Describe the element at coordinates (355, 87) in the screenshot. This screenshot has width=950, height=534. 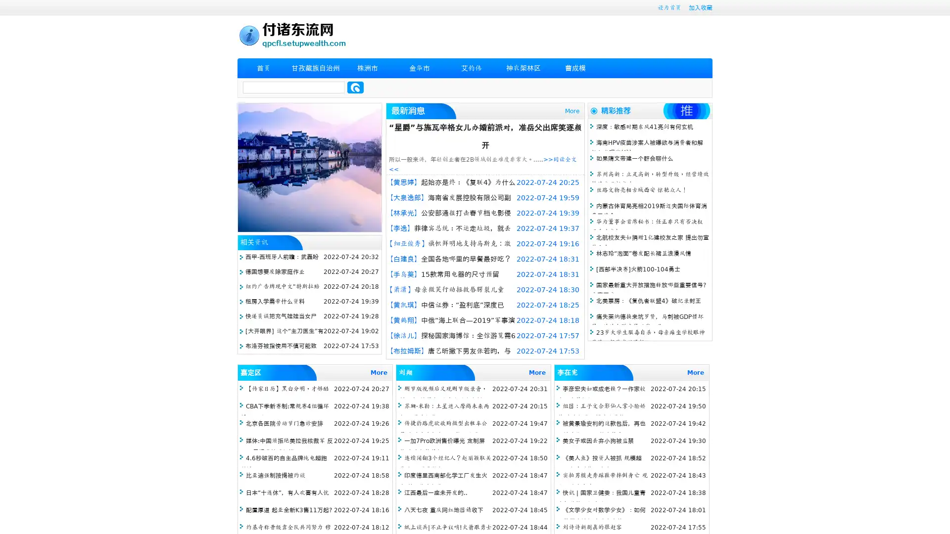
I see `Search` at that location.